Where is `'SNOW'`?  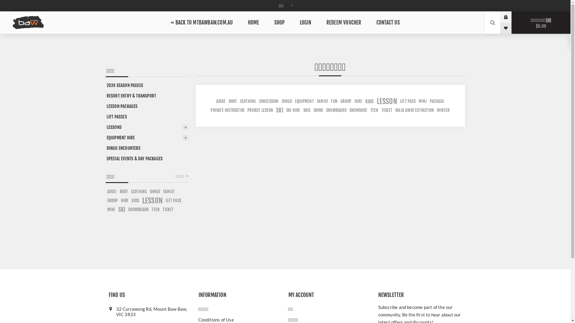 'SNOW' is located at coordinates (318, 110).